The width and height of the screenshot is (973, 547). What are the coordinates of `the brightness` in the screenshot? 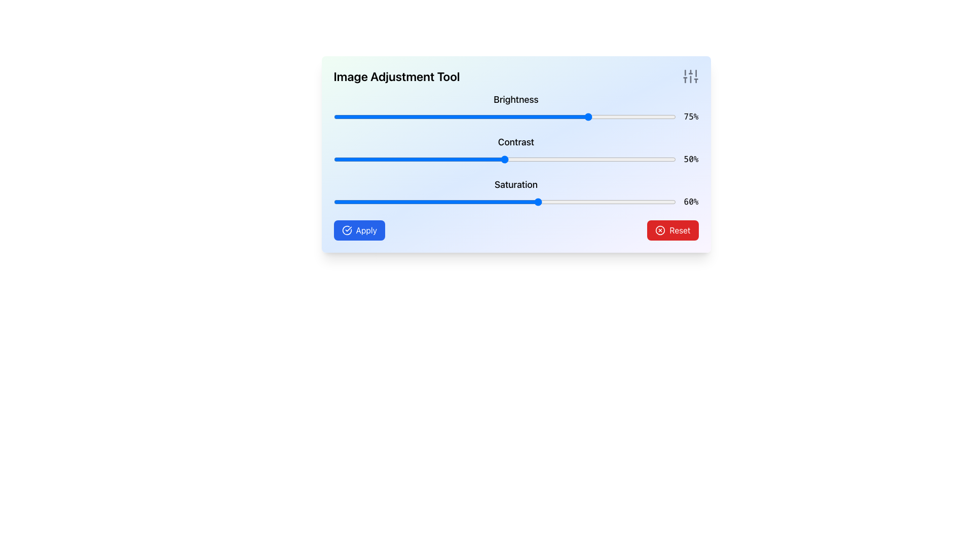 It's located at (515, 116).